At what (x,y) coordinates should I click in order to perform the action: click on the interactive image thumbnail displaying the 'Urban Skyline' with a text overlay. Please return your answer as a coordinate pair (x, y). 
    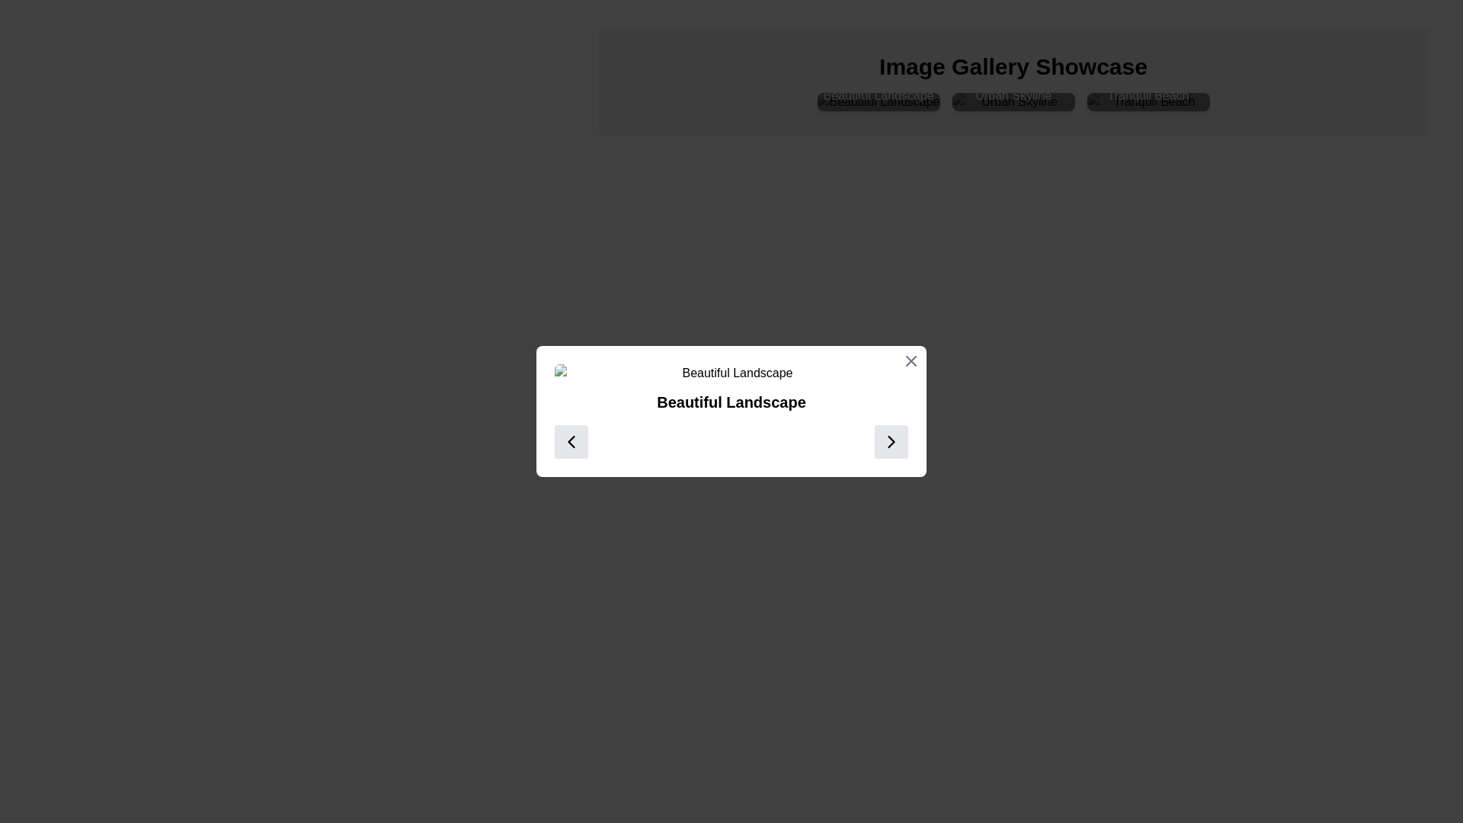
    Looking at the image, I should click on (1013, 102).